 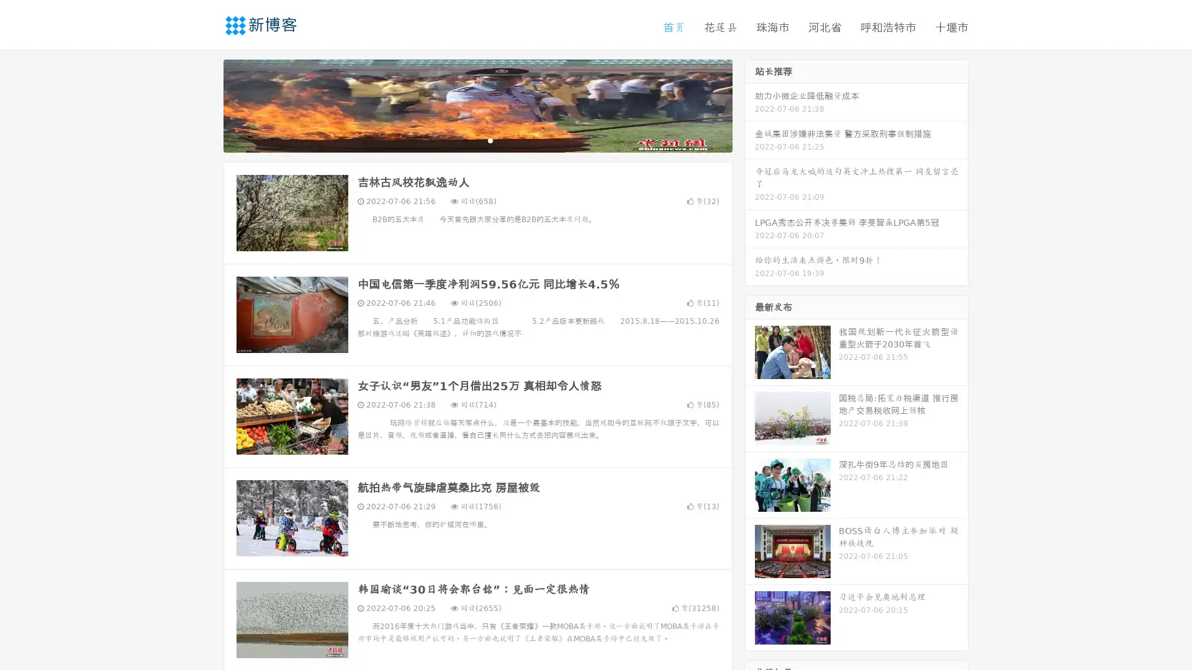 I want to click on Go to slide 3, so click(x=490, y=140).